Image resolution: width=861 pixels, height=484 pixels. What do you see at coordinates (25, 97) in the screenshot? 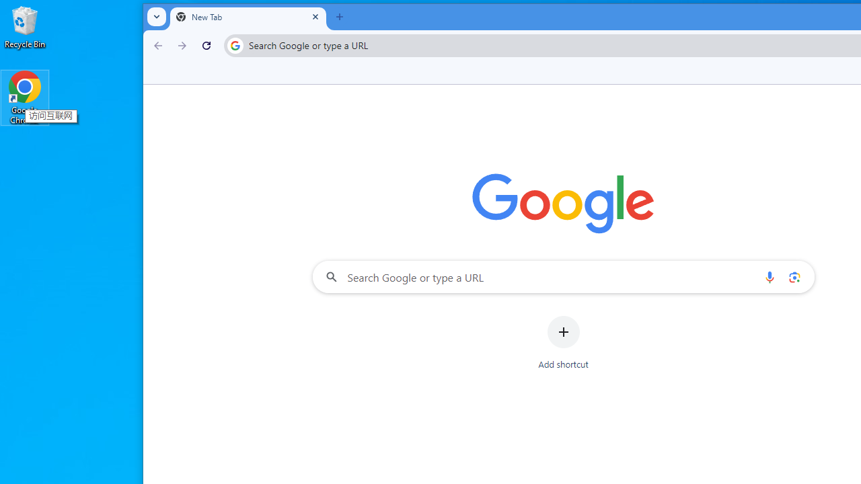
I see `'Google Chrome'` at bounding box center [25, 97].